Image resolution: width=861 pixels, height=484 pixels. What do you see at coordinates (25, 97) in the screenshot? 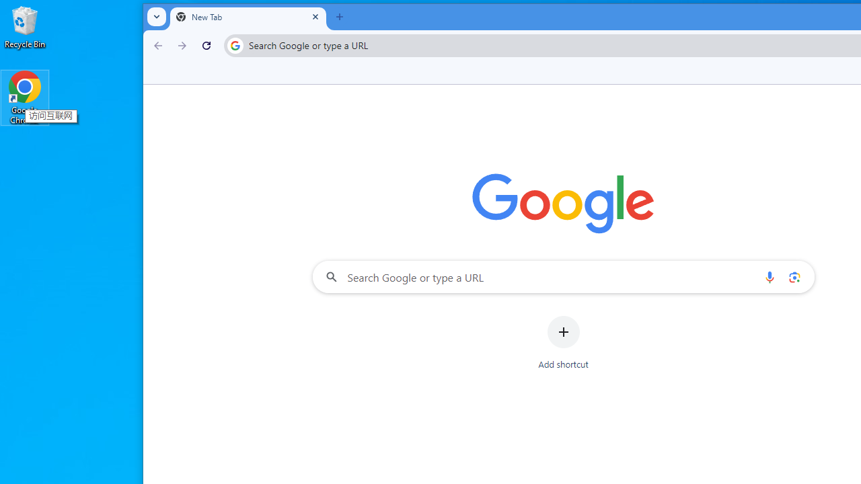
I see `'Google Chrome'` at bounding box center [25, 97].